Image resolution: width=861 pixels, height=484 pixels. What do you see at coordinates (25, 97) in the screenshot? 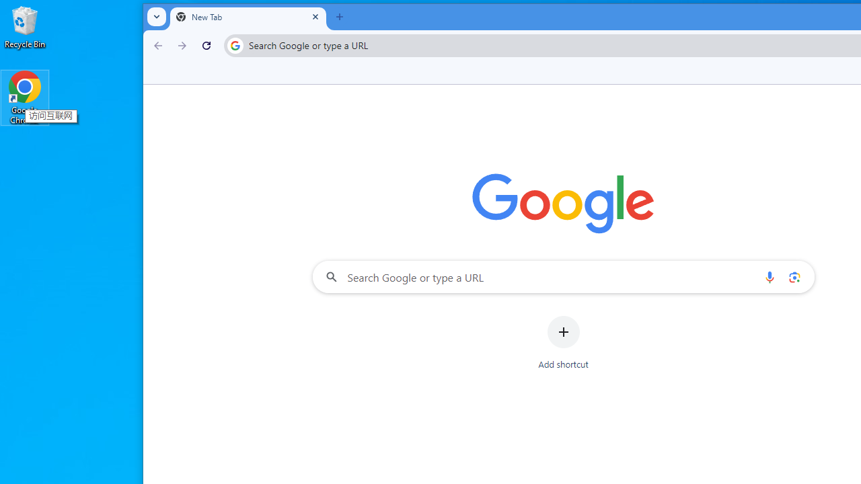
I see `'Google Chrome'` at bounding box center [25, 97].